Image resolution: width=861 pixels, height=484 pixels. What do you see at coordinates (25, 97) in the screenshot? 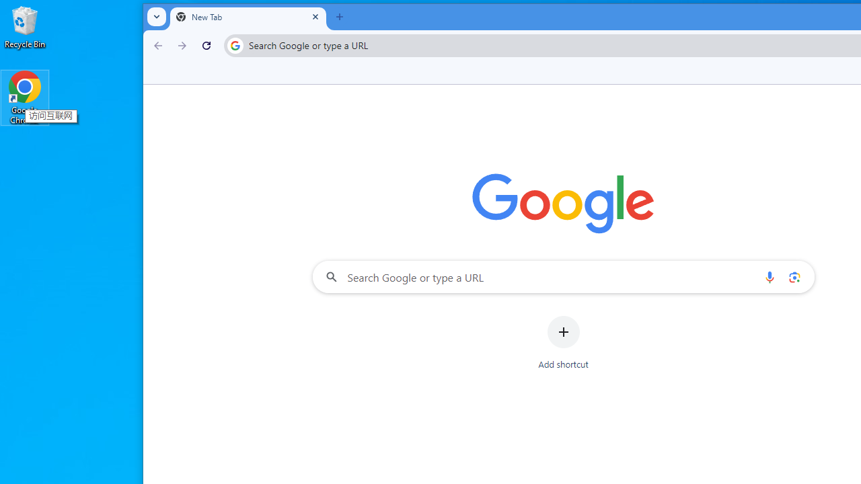
I see `'Google Chrome'` at bounding box center [25, 97].